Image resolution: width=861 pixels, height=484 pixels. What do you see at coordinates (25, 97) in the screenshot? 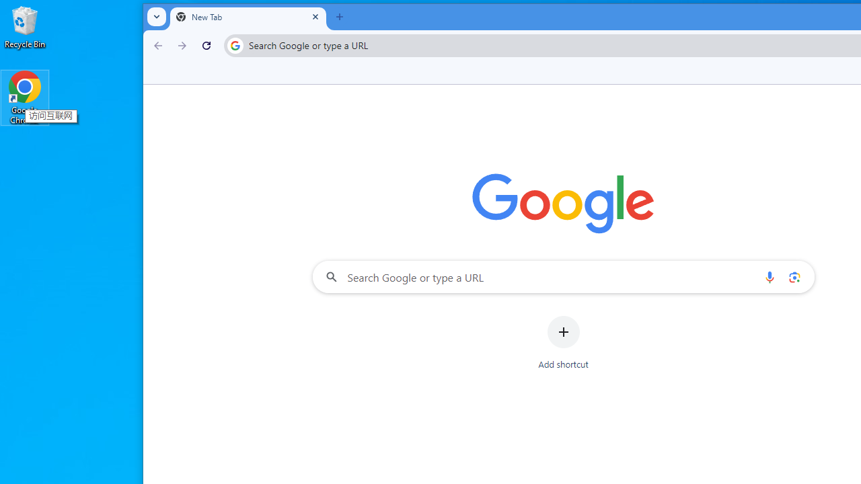
I see `'Google Chrome'` at bounding box center [25, 97].